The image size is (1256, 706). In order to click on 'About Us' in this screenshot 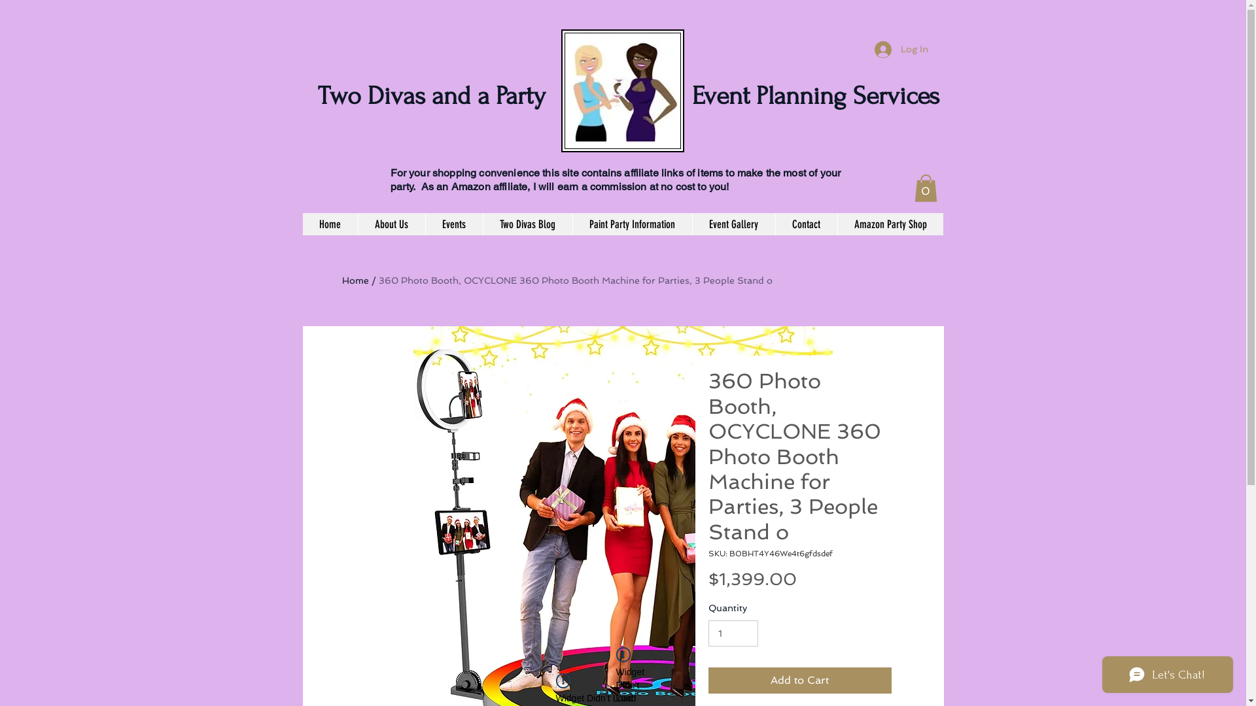, I will do `click(390, 224)`.